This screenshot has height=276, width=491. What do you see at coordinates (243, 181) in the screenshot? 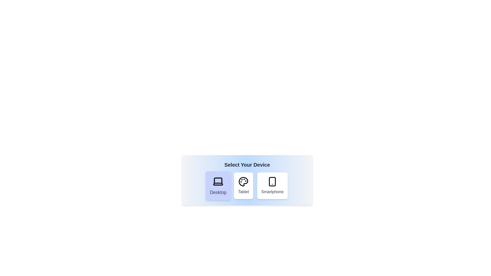
I see `the color palette icon segment located in the center of the 'Tablet' option in the 'Select Your Device' menu, which is the backdrop of the icon between the 'Desktop' and 'Smartphone' buttons` at bounding box center [243, 181].